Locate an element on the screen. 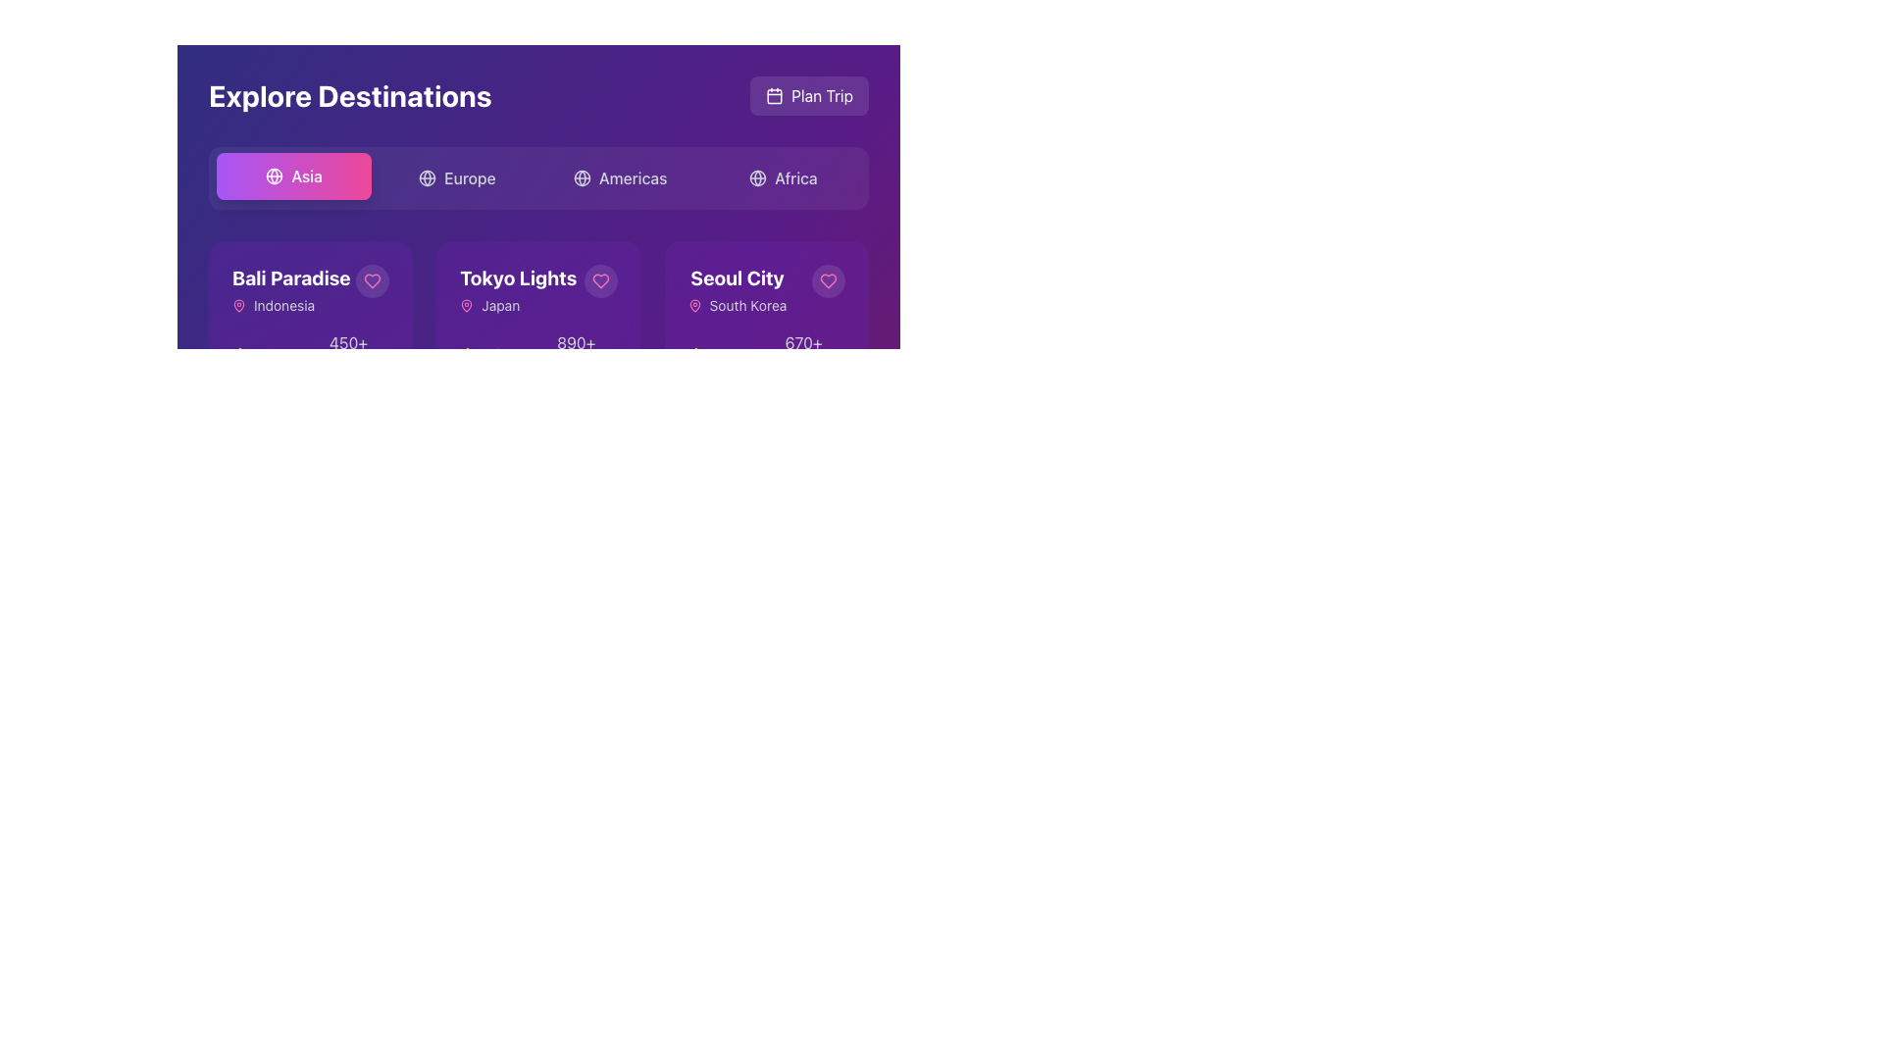 This screenshot has height=1059, width=1883. the 'Seoul City' text block with the pink pin icon is located at coordinates (737, 290).